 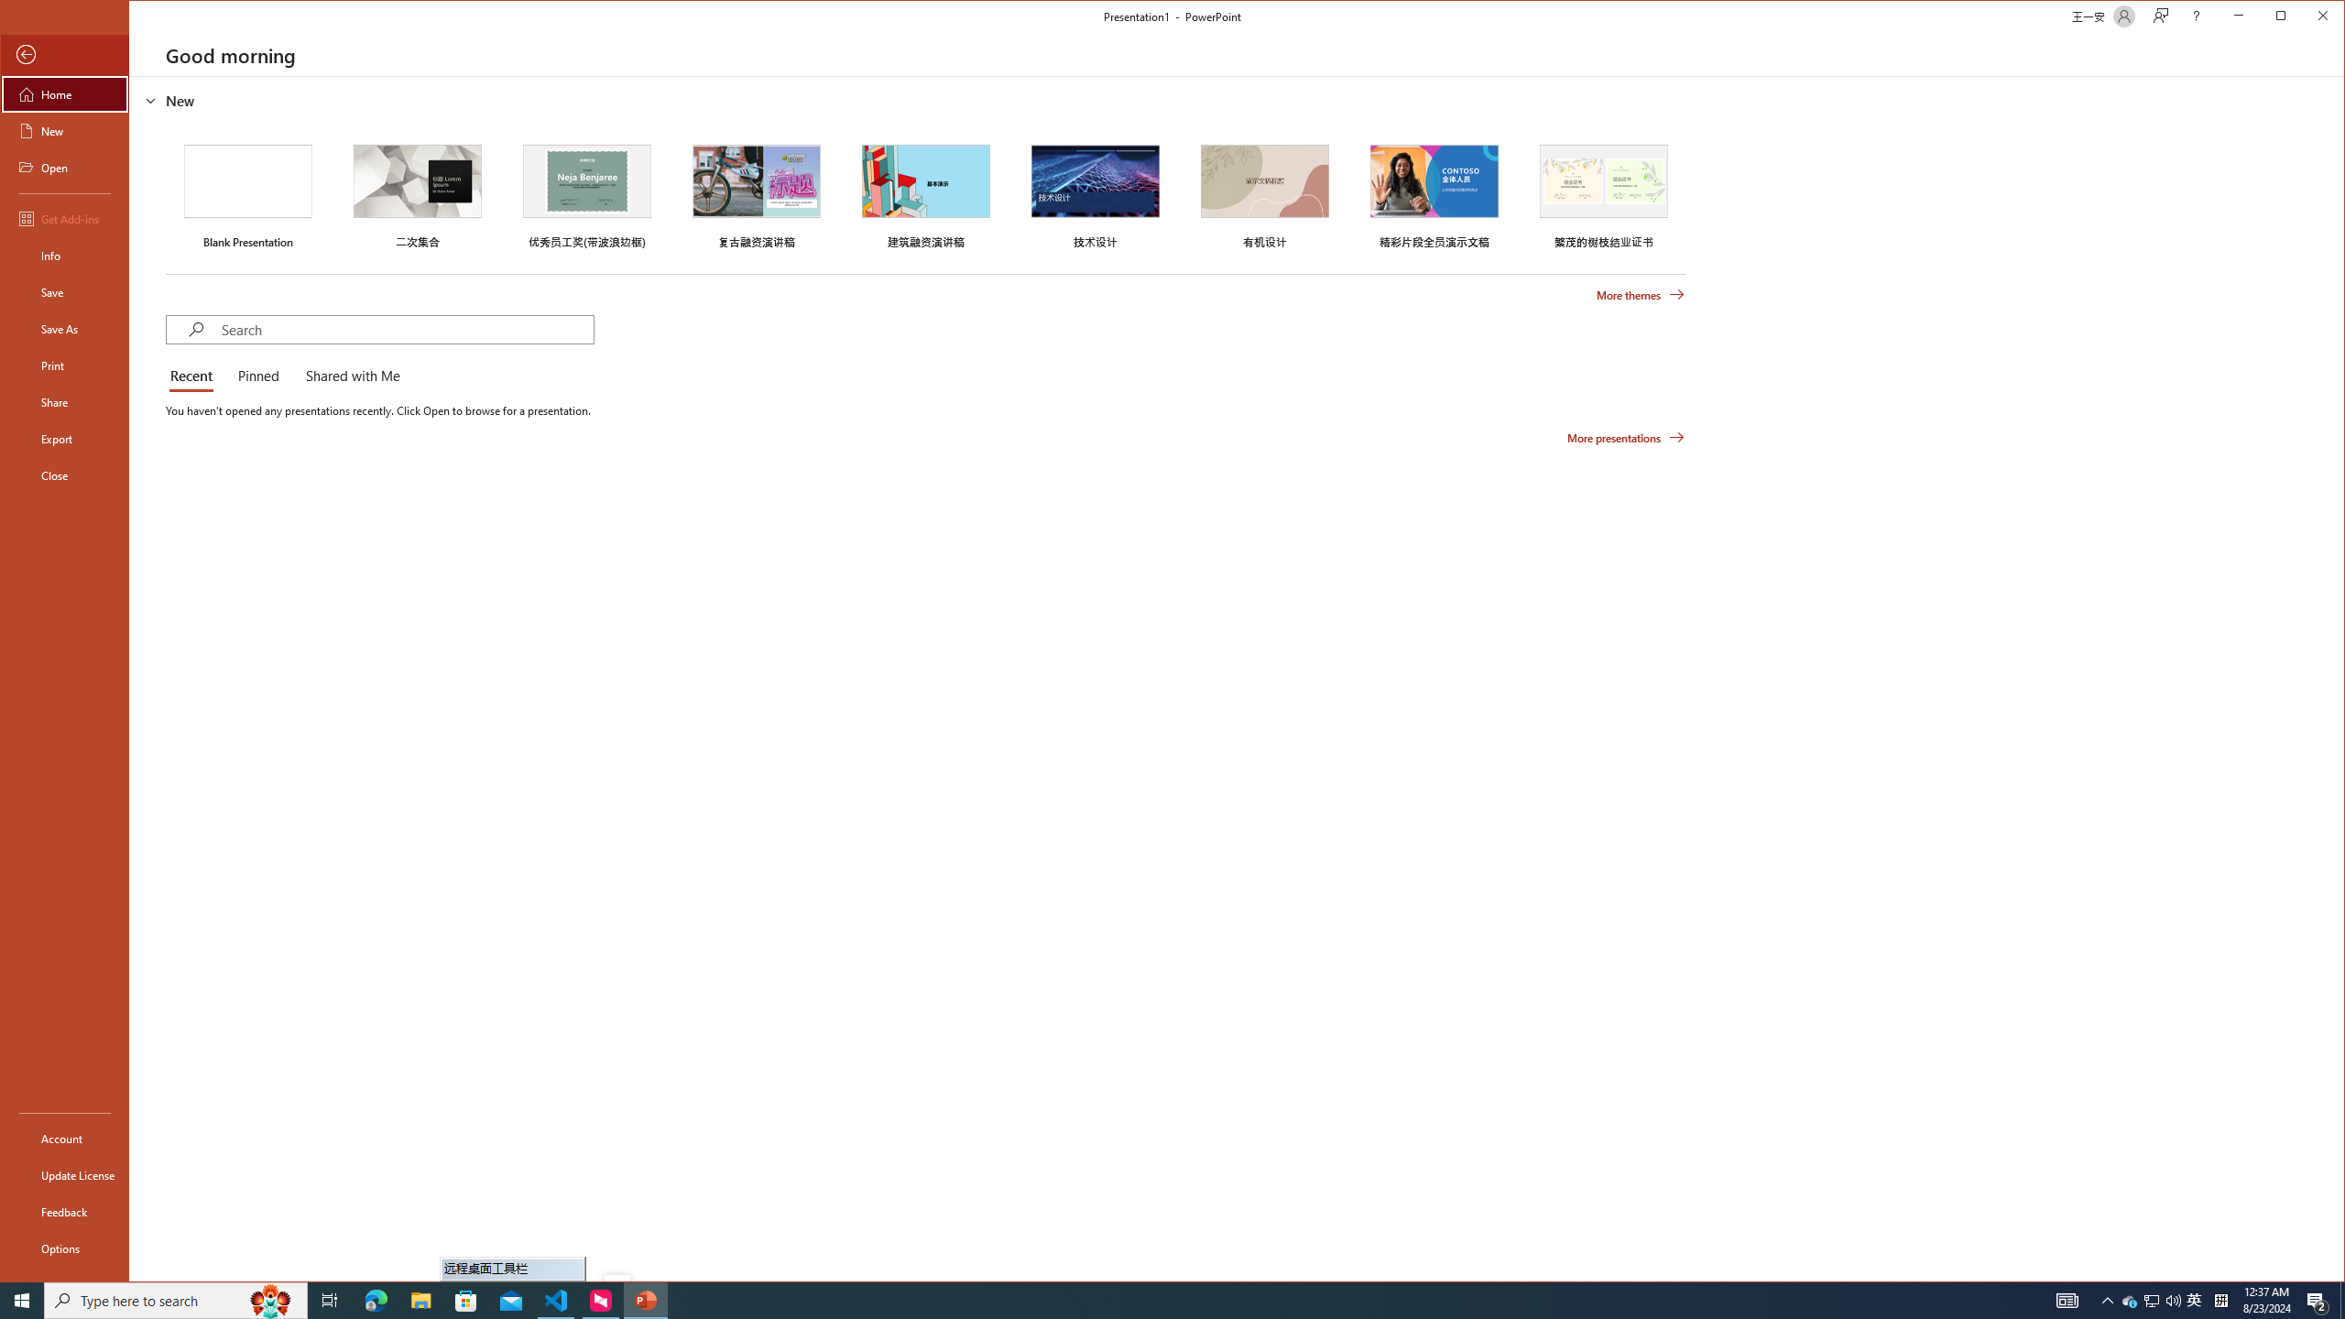 I want to click on 'Pinned', so click(x=257, y=376).